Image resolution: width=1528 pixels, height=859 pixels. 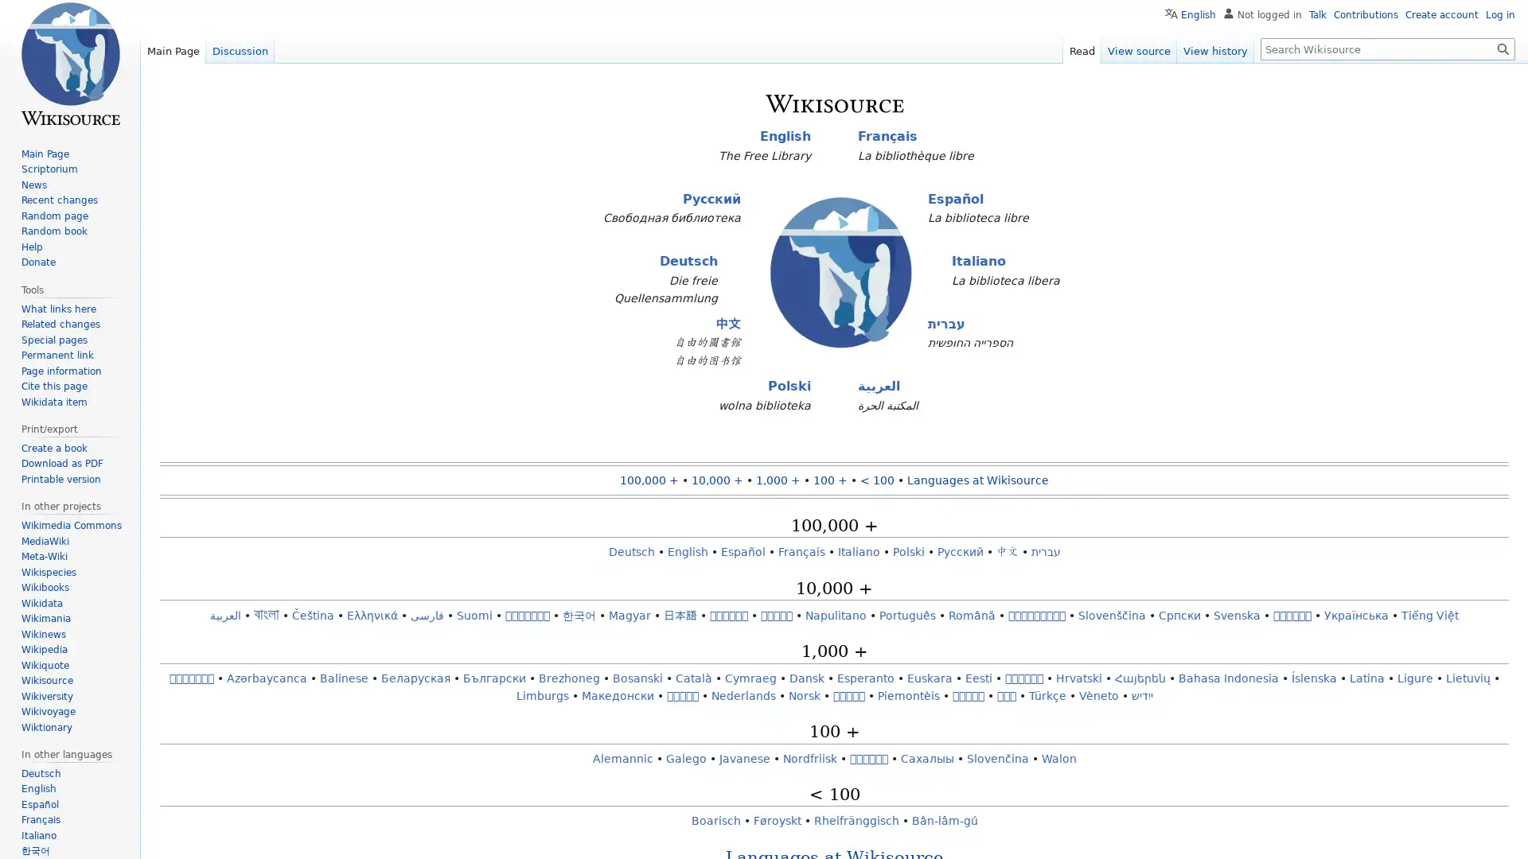 I want to click on Search, so click(x=1503, y=48).